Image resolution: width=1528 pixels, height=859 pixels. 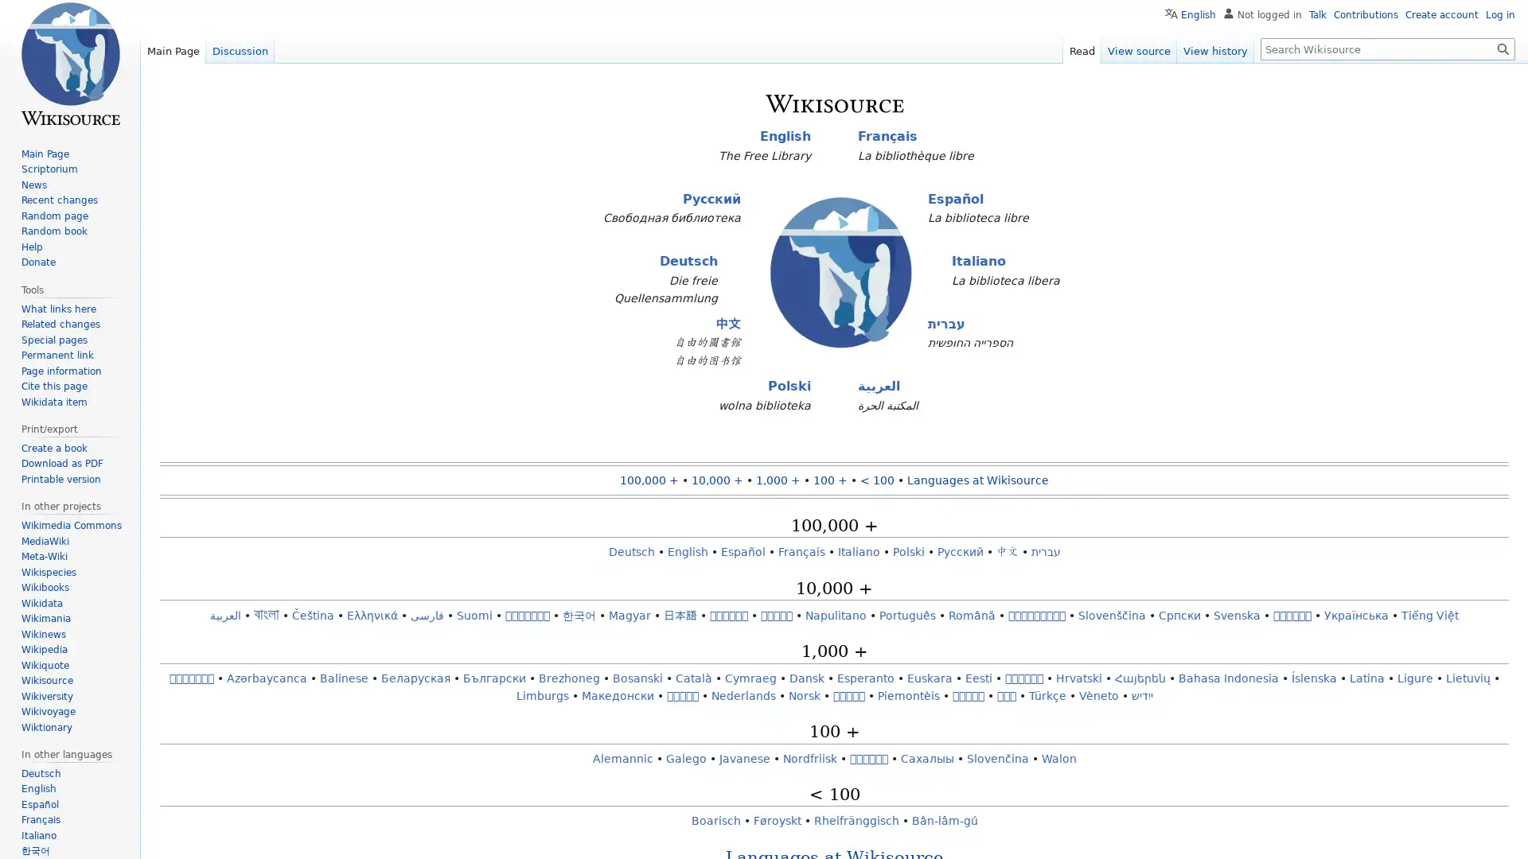 I want to click on Search, so click(x=1503, y=48).